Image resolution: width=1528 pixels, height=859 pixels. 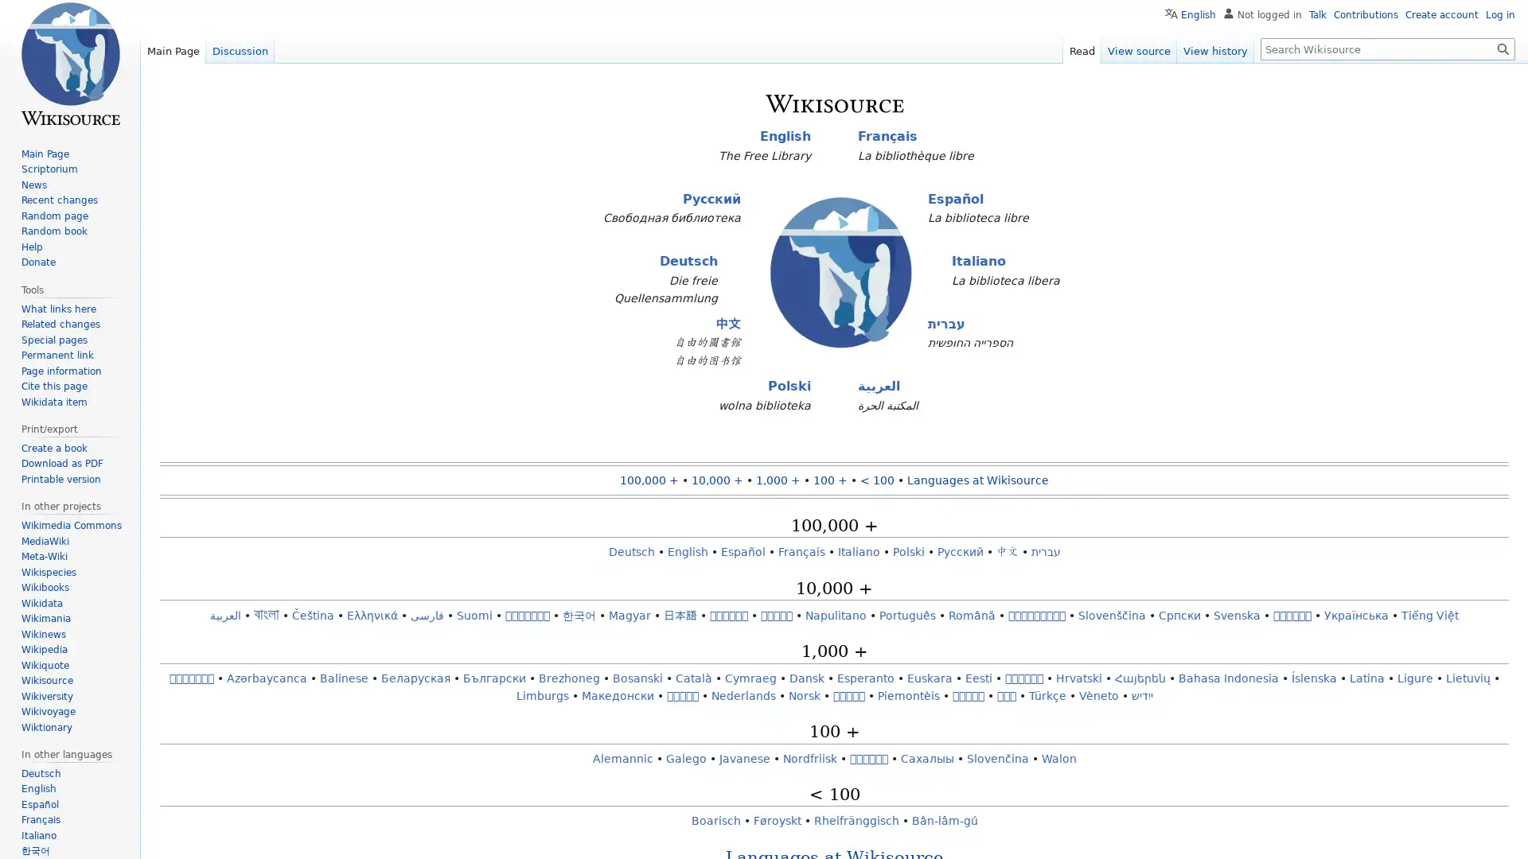 I want to click on Search, so click(x=1503, y=48).